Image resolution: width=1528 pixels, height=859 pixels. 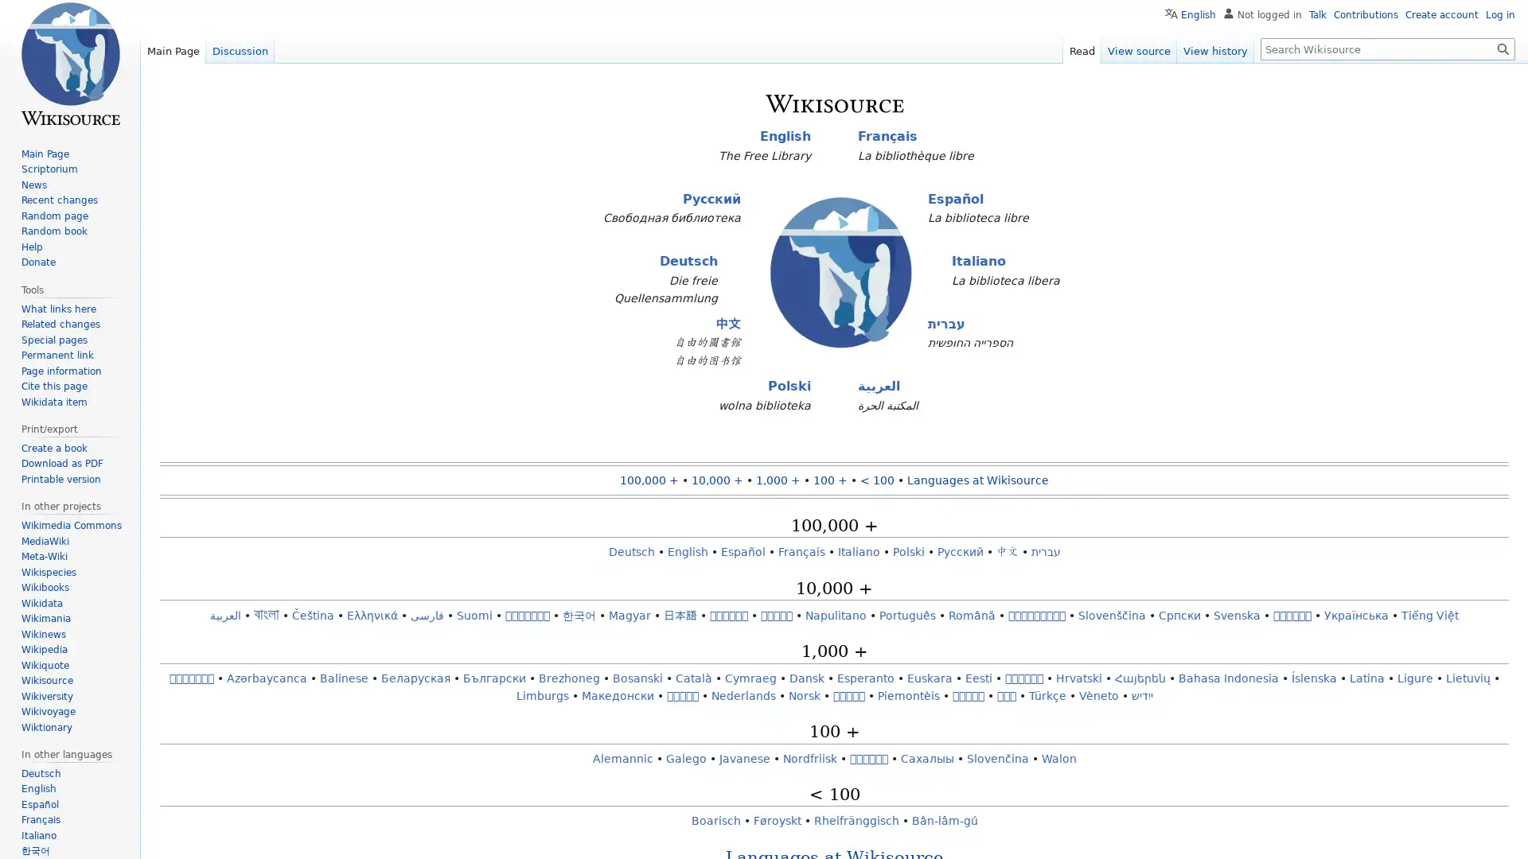 I want to click on Search, so click(x=1503, y=48).